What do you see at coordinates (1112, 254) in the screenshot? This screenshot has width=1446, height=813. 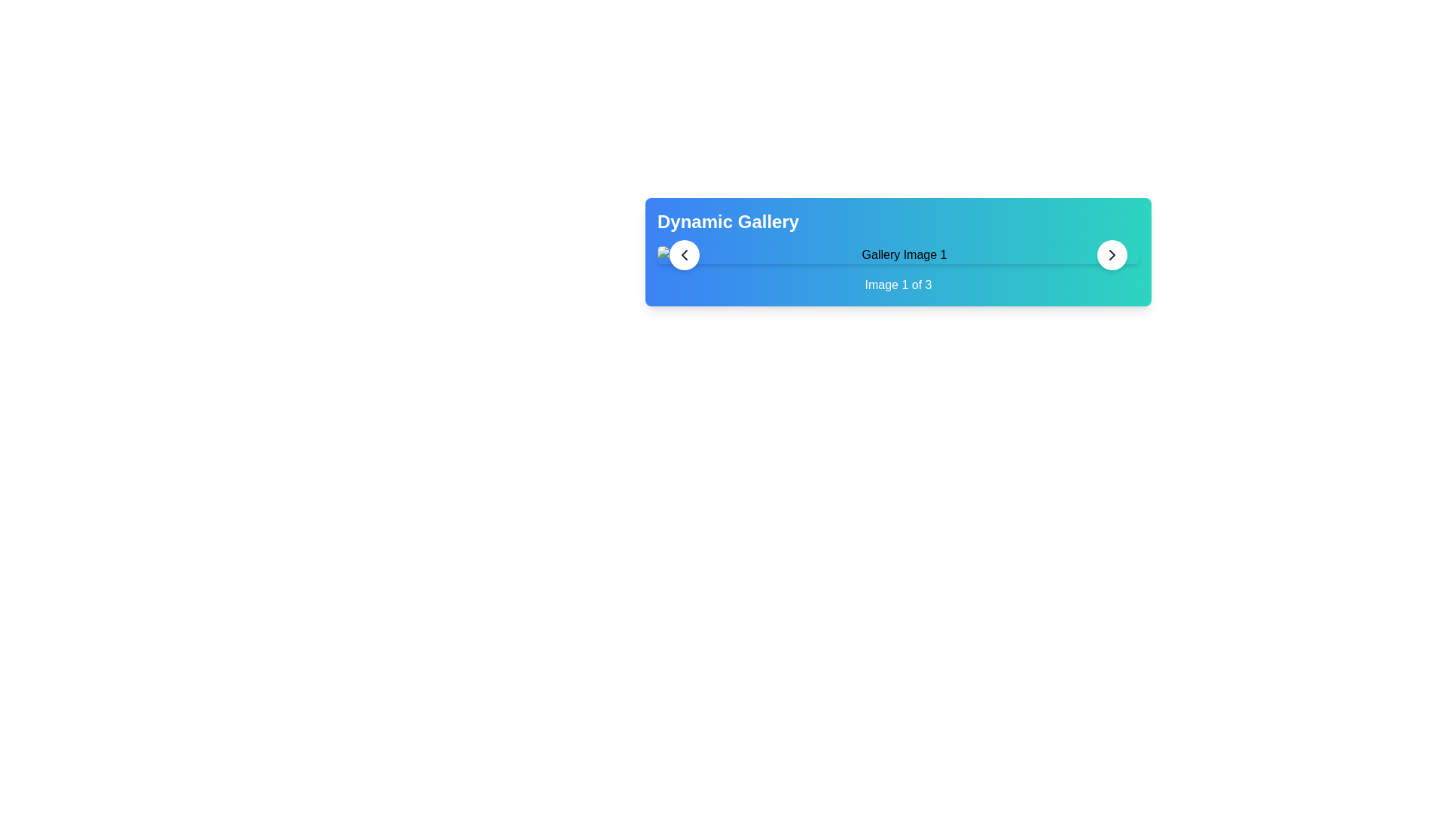 I see `the right-hand circle button icon` at bounding box center [1112, 254].